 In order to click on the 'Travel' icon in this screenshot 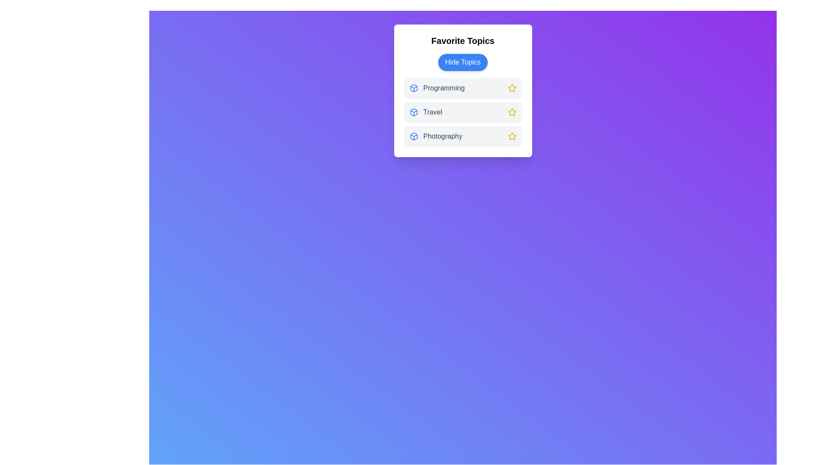, I will do `click(413, 112)`.